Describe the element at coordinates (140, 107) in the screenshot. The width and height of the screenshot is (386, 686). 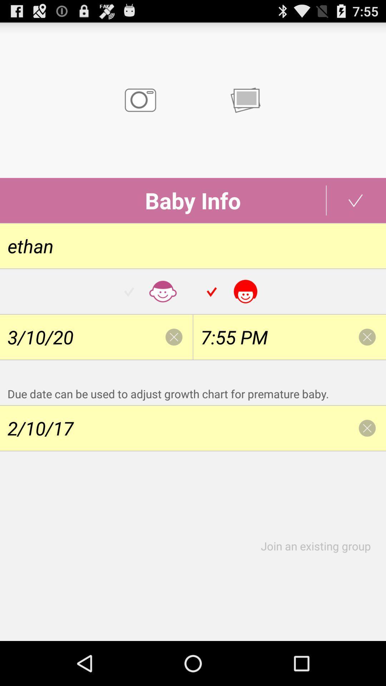
I see `the photo icon` at that location.